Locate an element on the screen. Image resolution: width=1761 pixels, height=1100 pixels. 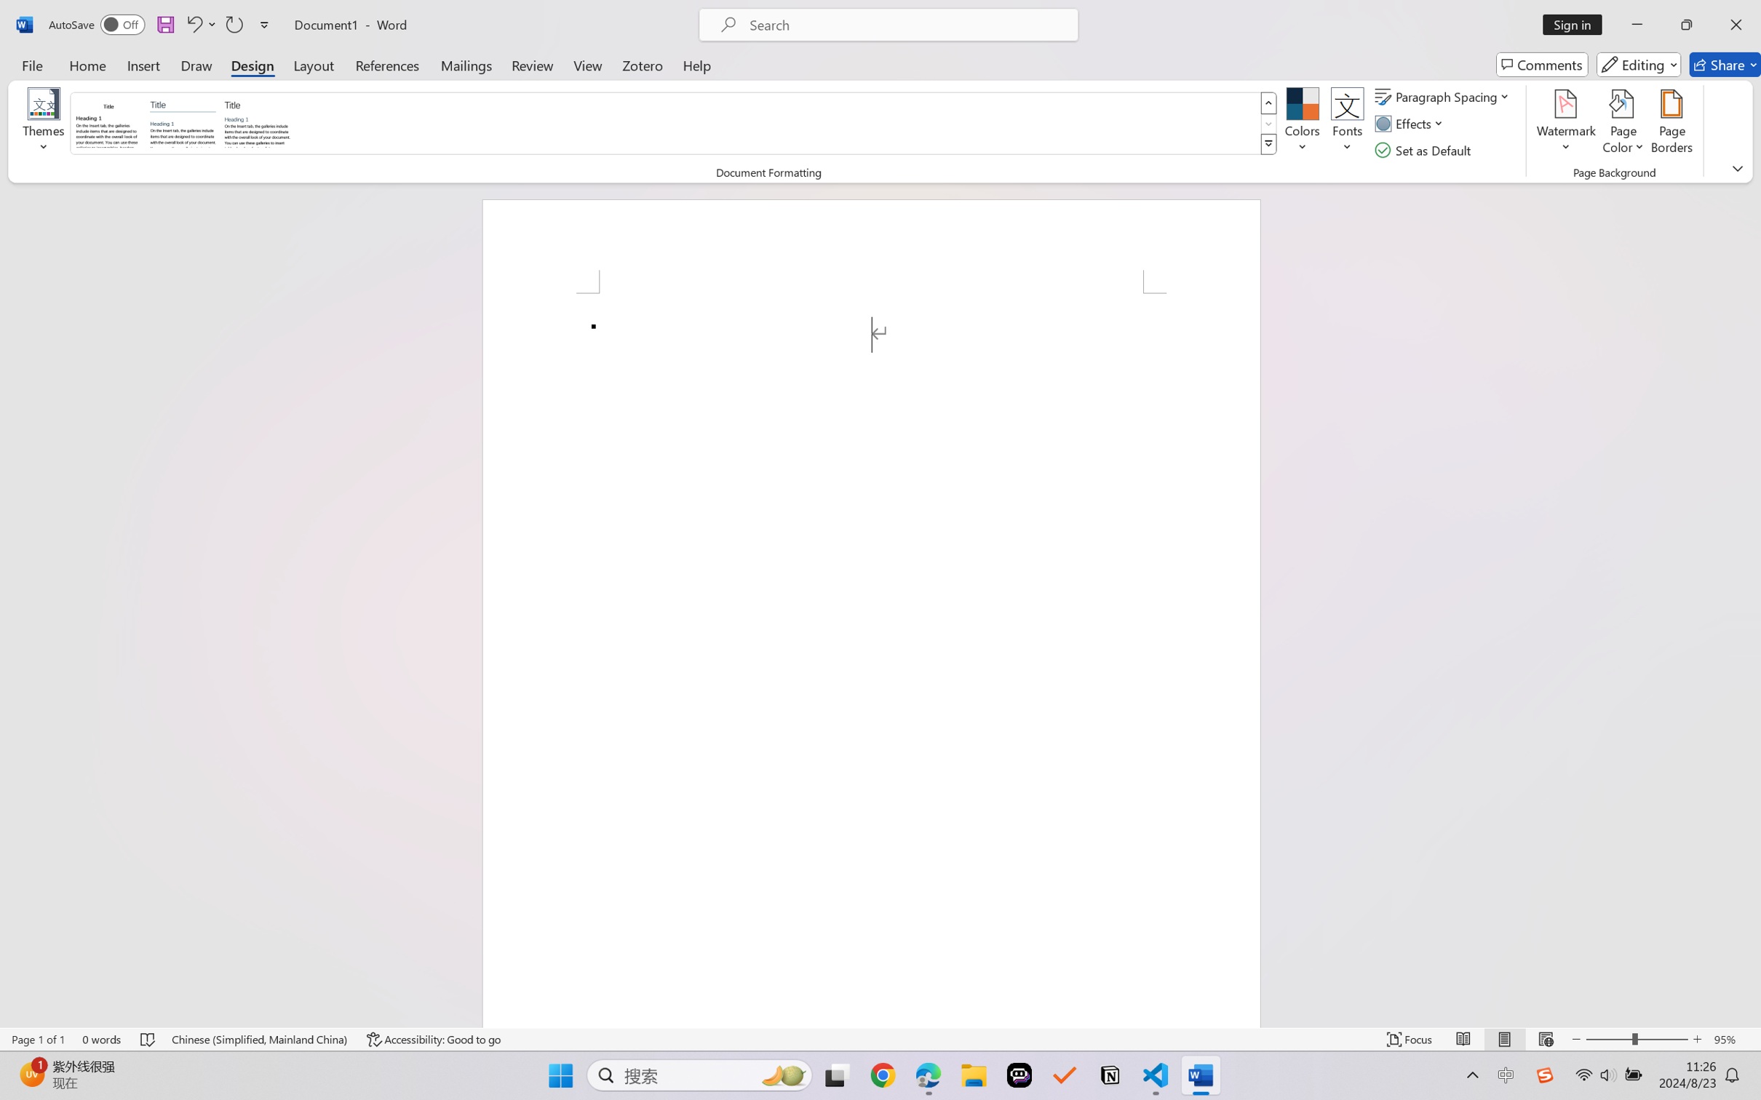
'Editing' is located at coordinates (1639, 64).